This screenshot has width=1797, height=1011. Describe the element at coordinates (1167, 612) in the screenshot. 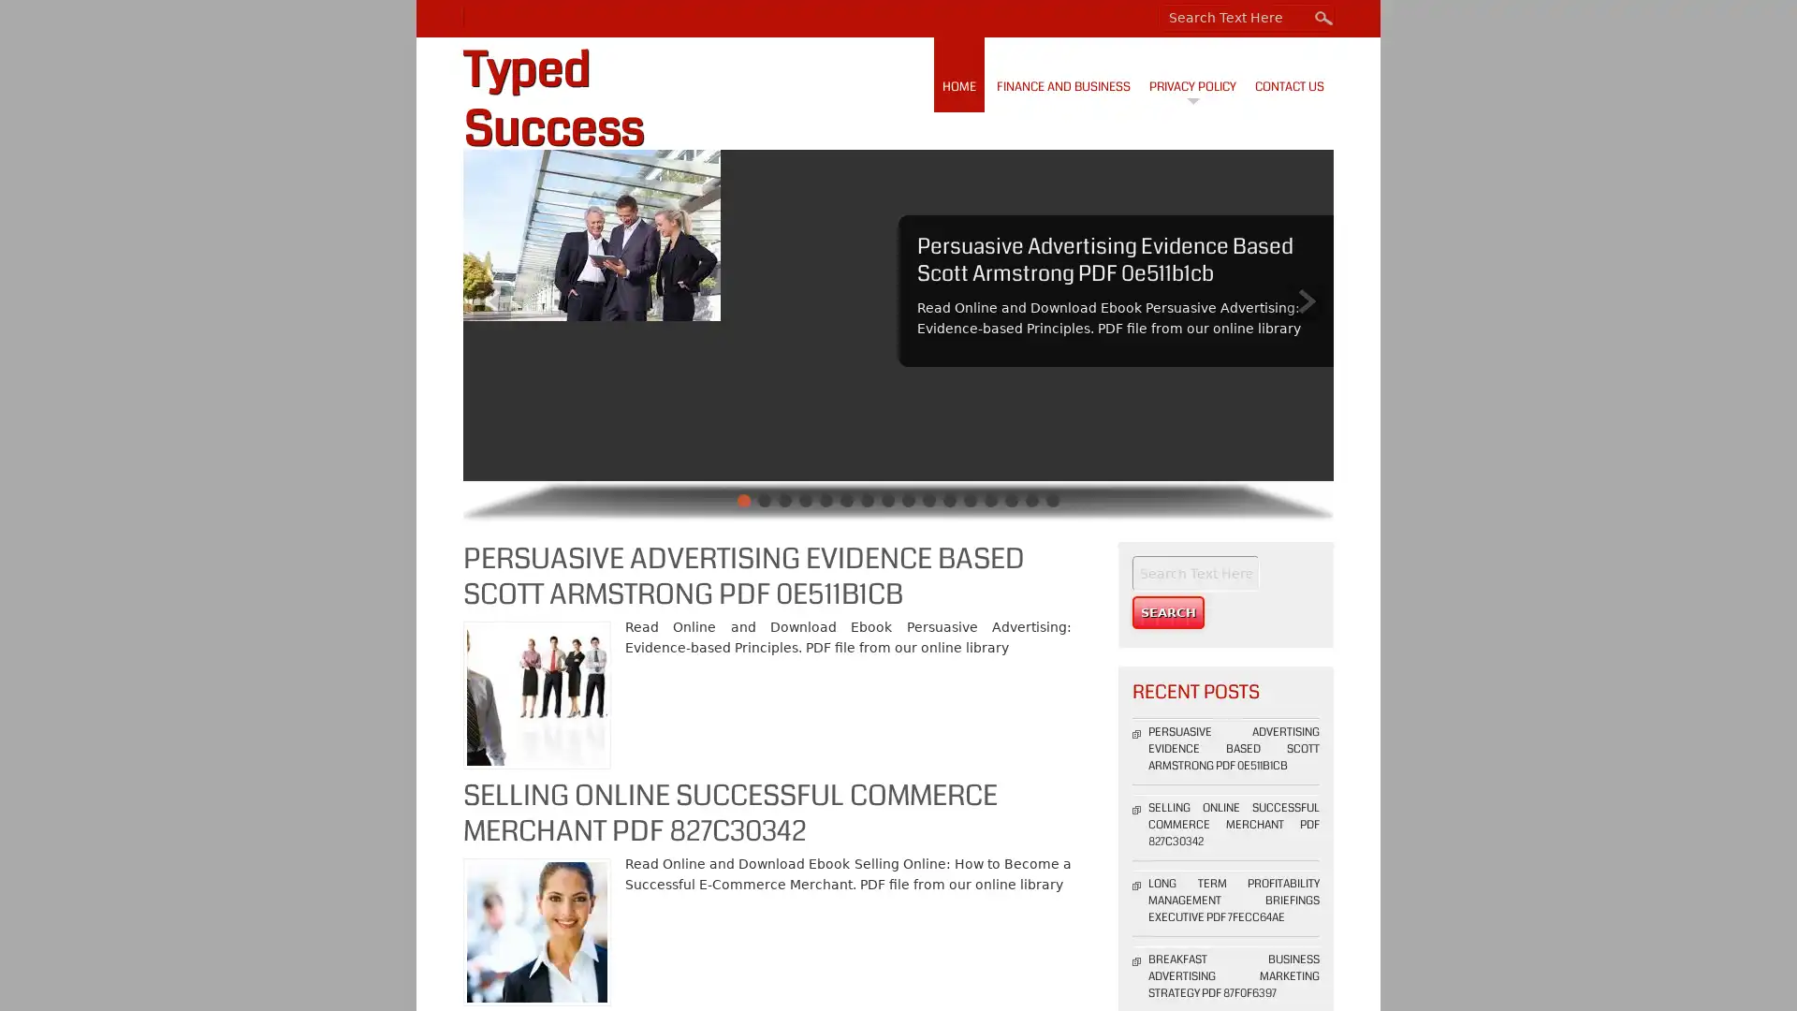

I see `Search` at that location.